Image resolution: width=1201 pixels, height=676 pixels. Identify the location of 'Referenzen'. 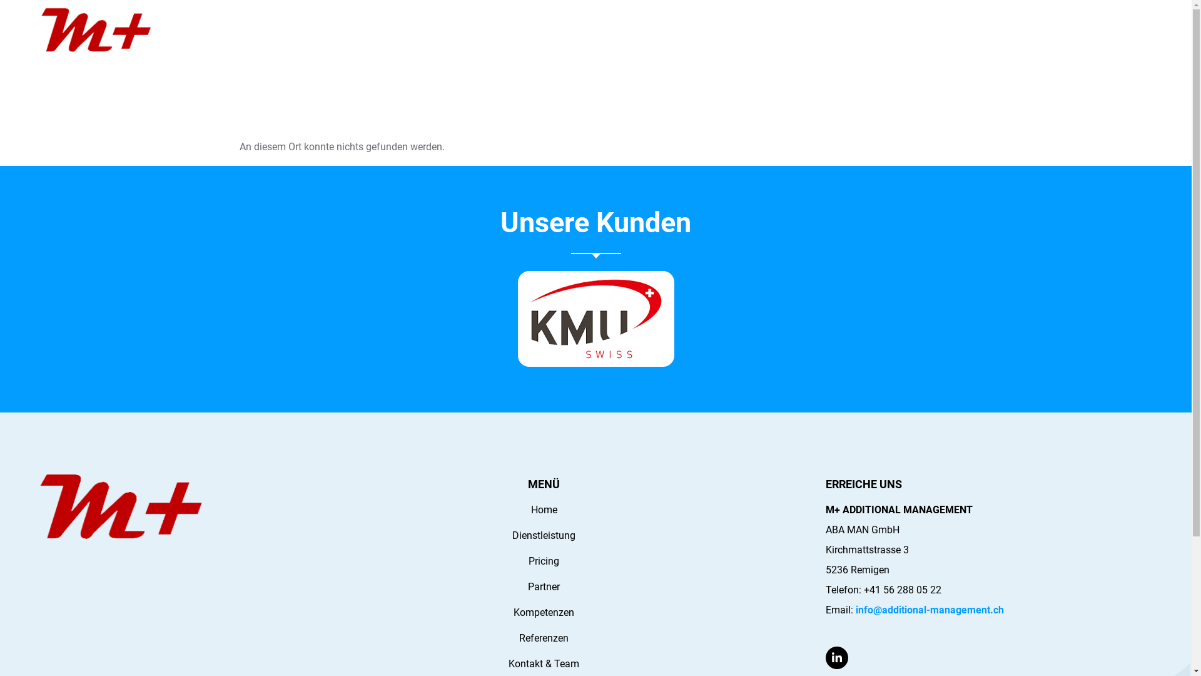
(544, 638).